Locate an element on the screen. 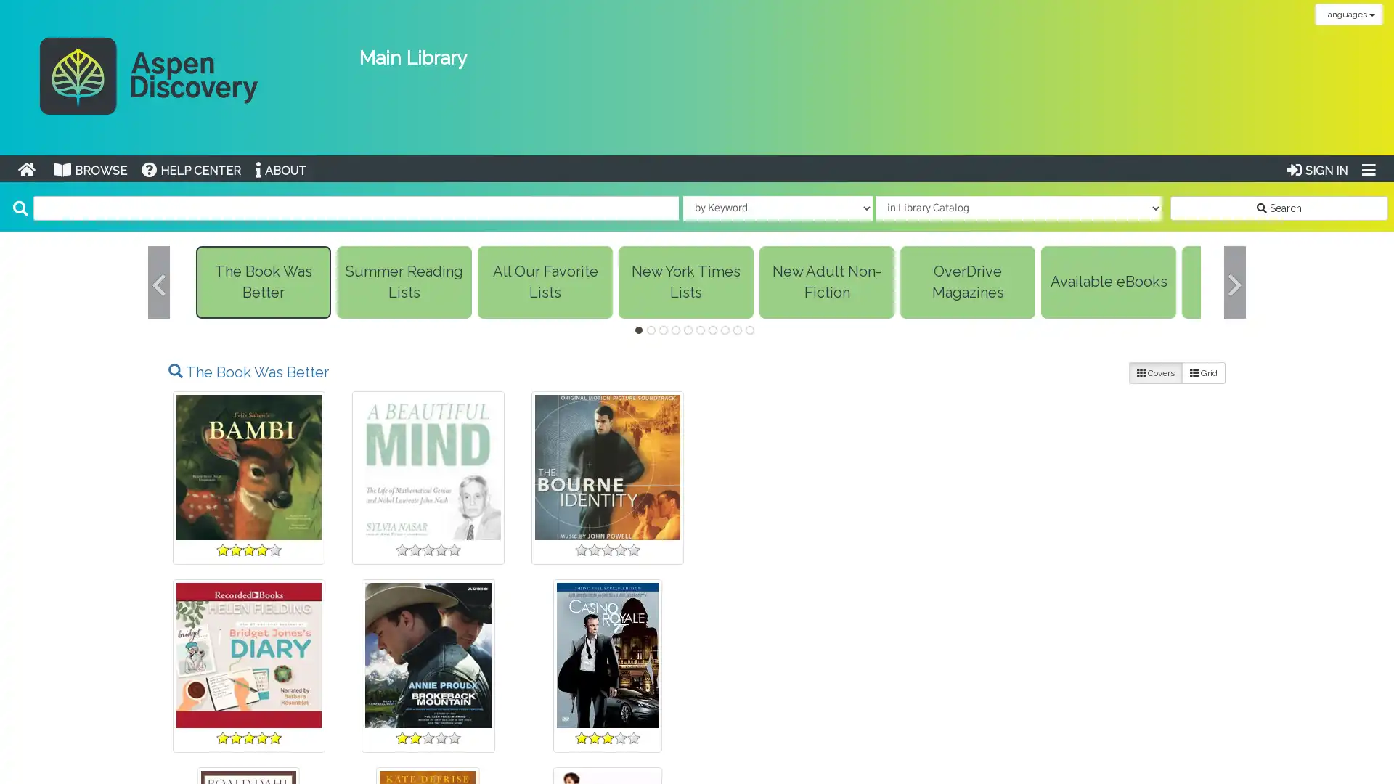  Write a Review is located at coordinates (1144, 551).